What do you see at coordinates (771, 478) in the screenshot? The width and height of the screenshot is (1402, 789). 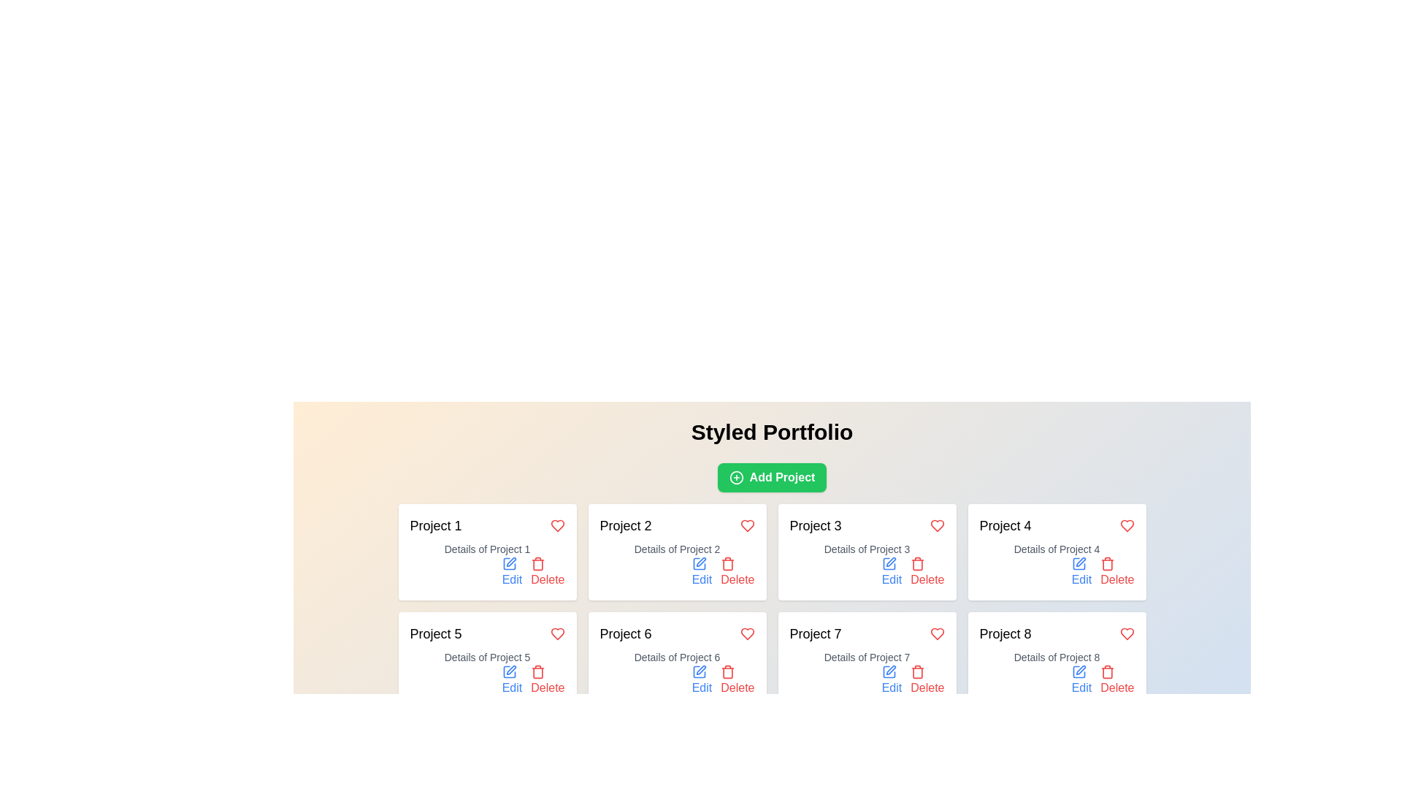 I see `the button located below the 'Styled Portfolio' header to initiate the addition of a new project` at bounding box center [771, 478].